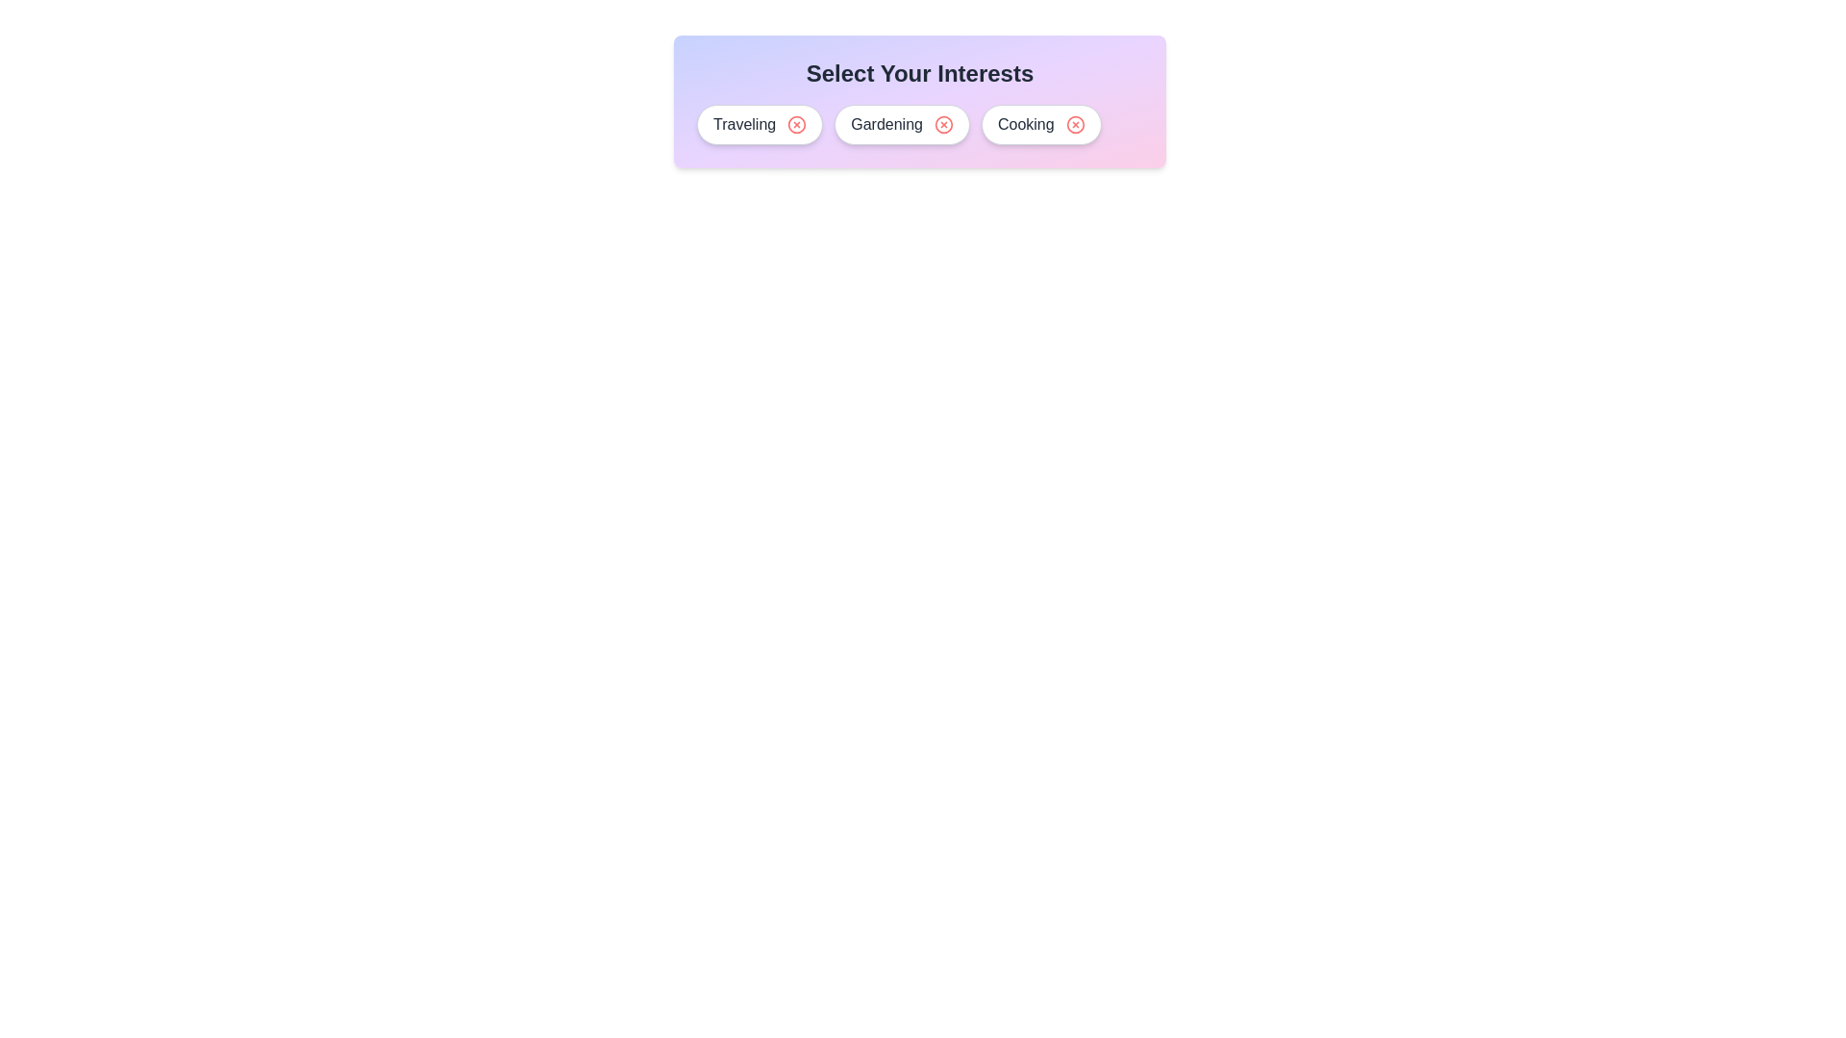 This screenshot has width=1846, height=1038. Describe the element at coordinates (943, 125) in the screenshot. I see `the delete button for the interest labeled Gardening` at that location.